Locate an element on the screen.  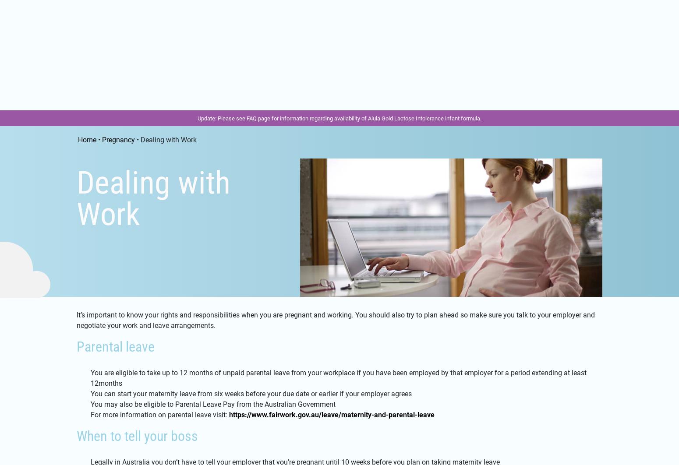
'Pregnancy' is located at coordinates (105, 101).